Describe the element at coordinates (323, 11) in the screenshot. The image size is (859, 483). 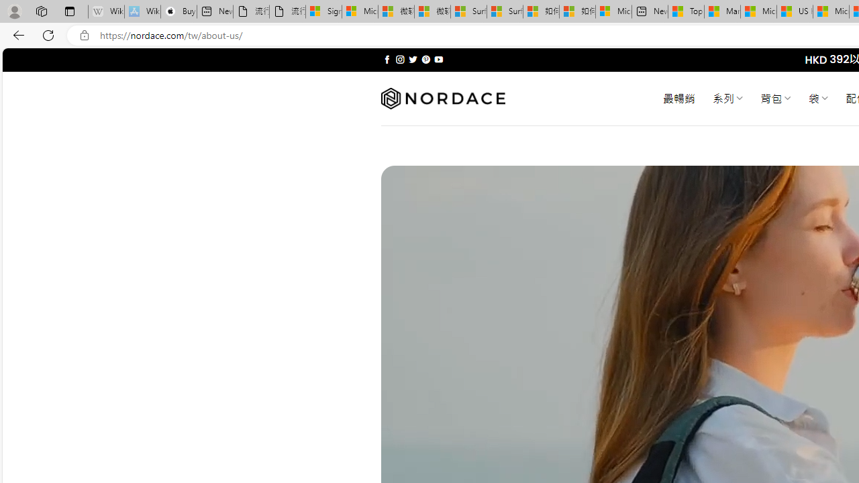
I see `'Sign in to your Microsoft account'` at that location.